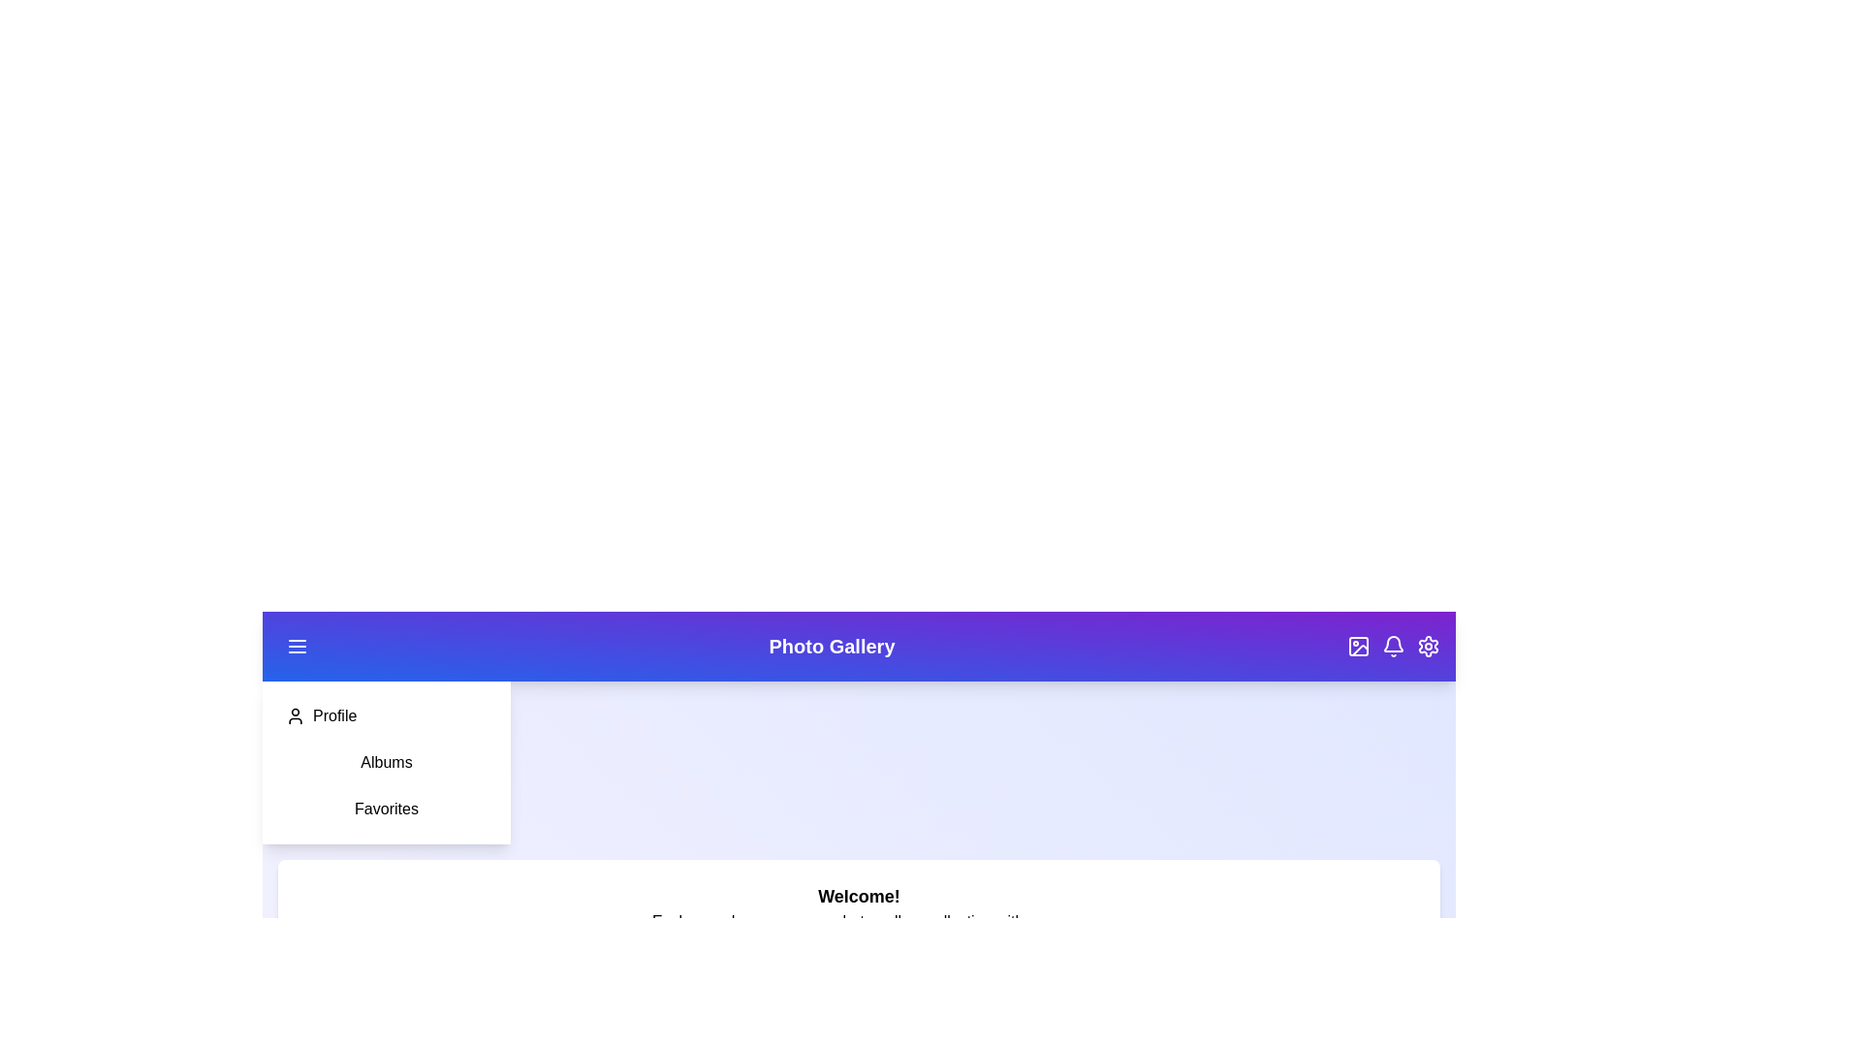  Describe the element at coordinates (297, 647) in the screenshot. I see `the menu icon to toggle the menu visibility` at that location.